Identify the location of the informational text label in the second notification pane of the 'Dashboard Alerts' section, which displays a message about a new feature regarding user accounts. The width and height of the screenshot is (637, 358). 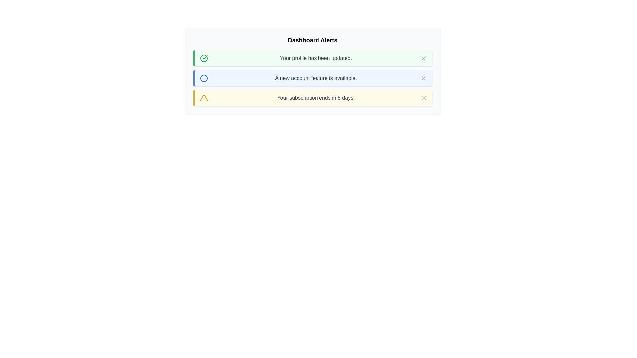
(316, 78).